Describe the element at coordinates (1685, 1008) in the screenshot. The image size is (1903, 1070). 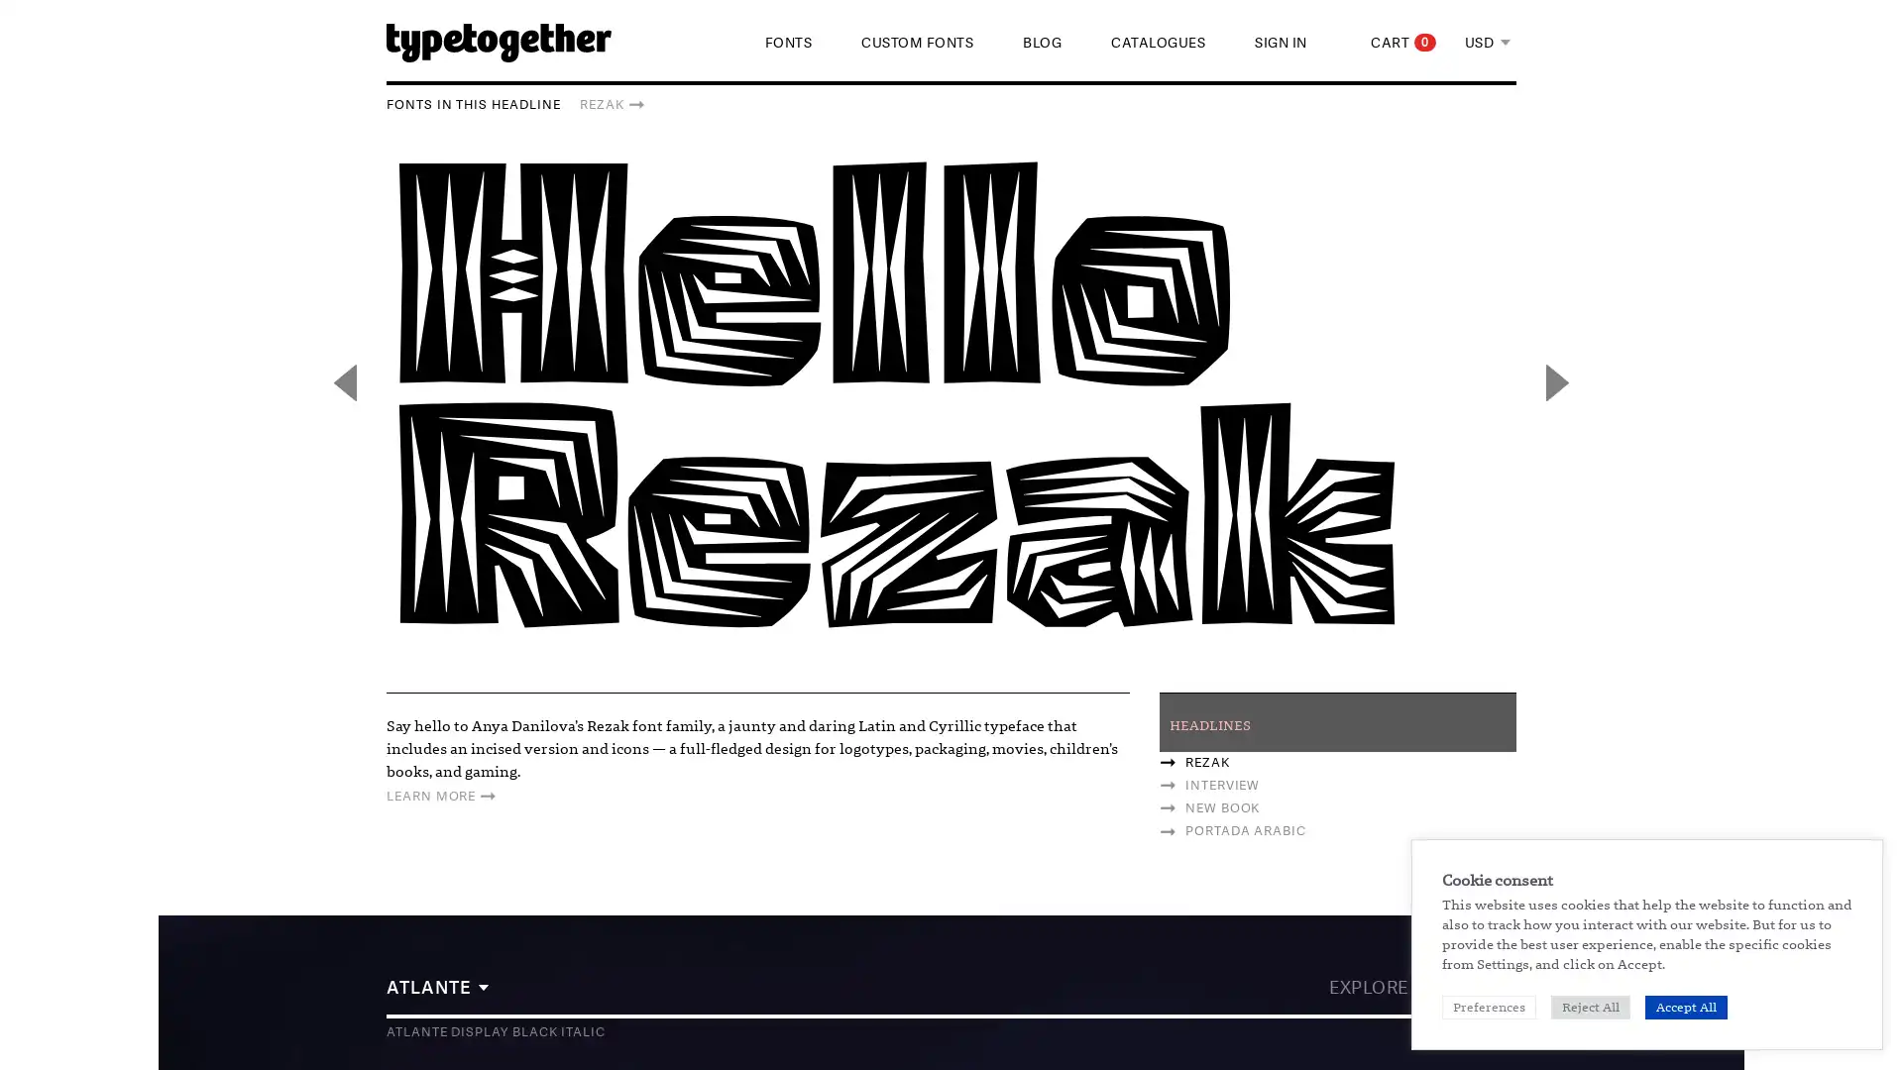
I see `Accept All` at that location.